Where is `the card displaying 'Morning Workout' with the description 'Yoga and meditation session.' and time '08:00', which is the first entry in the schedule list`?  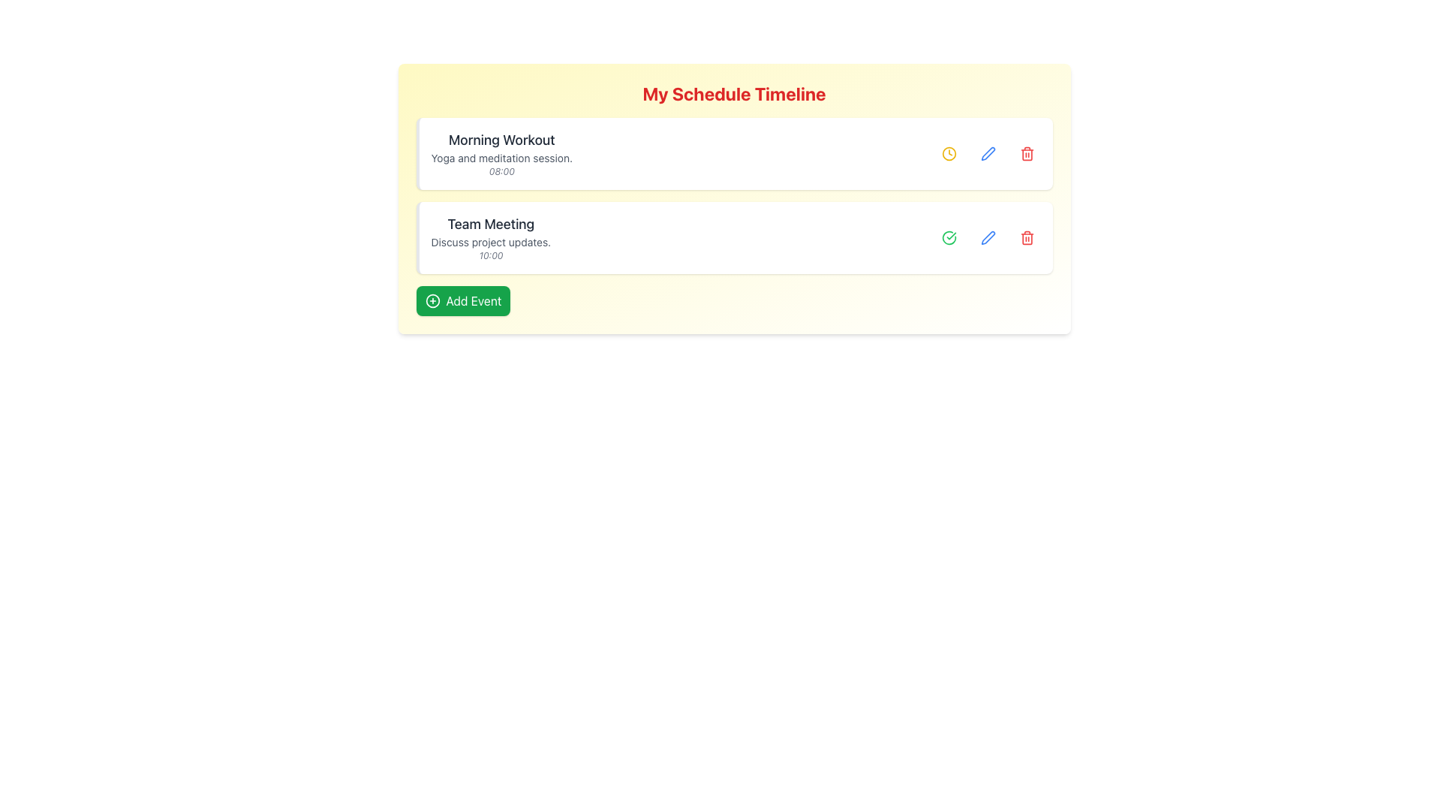 the card displaying 'Morning Workout' with the description 'Yoga and meditation session.' and time '08:00', which is the first entry in the schedule list is located at coordinates (501, 153).